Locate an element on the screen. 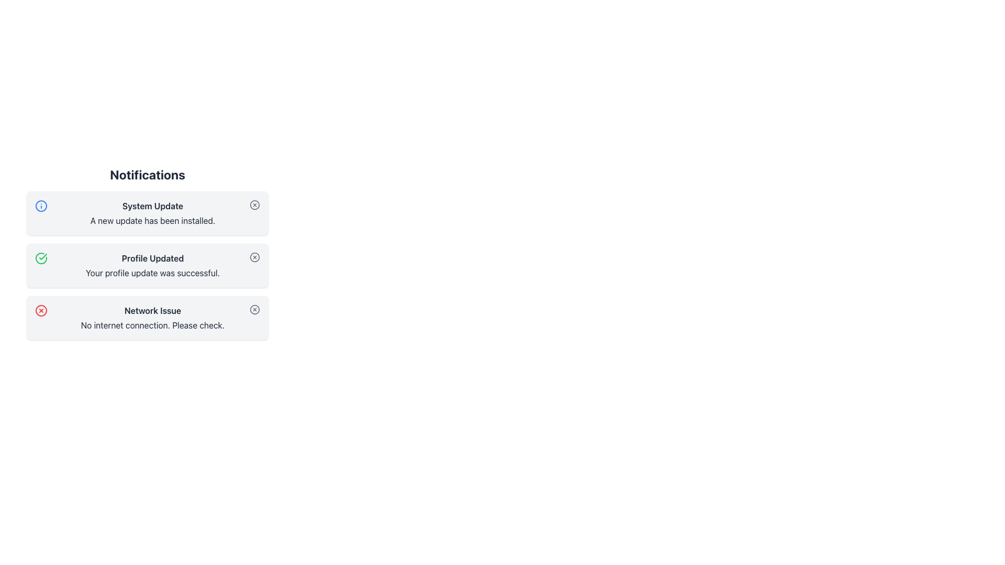 The width and height of the screenshot is (1005, 565). bold text label titled 'System Update' located at the top of the notification card for 'System Update' is located at coordinates (152, 206).